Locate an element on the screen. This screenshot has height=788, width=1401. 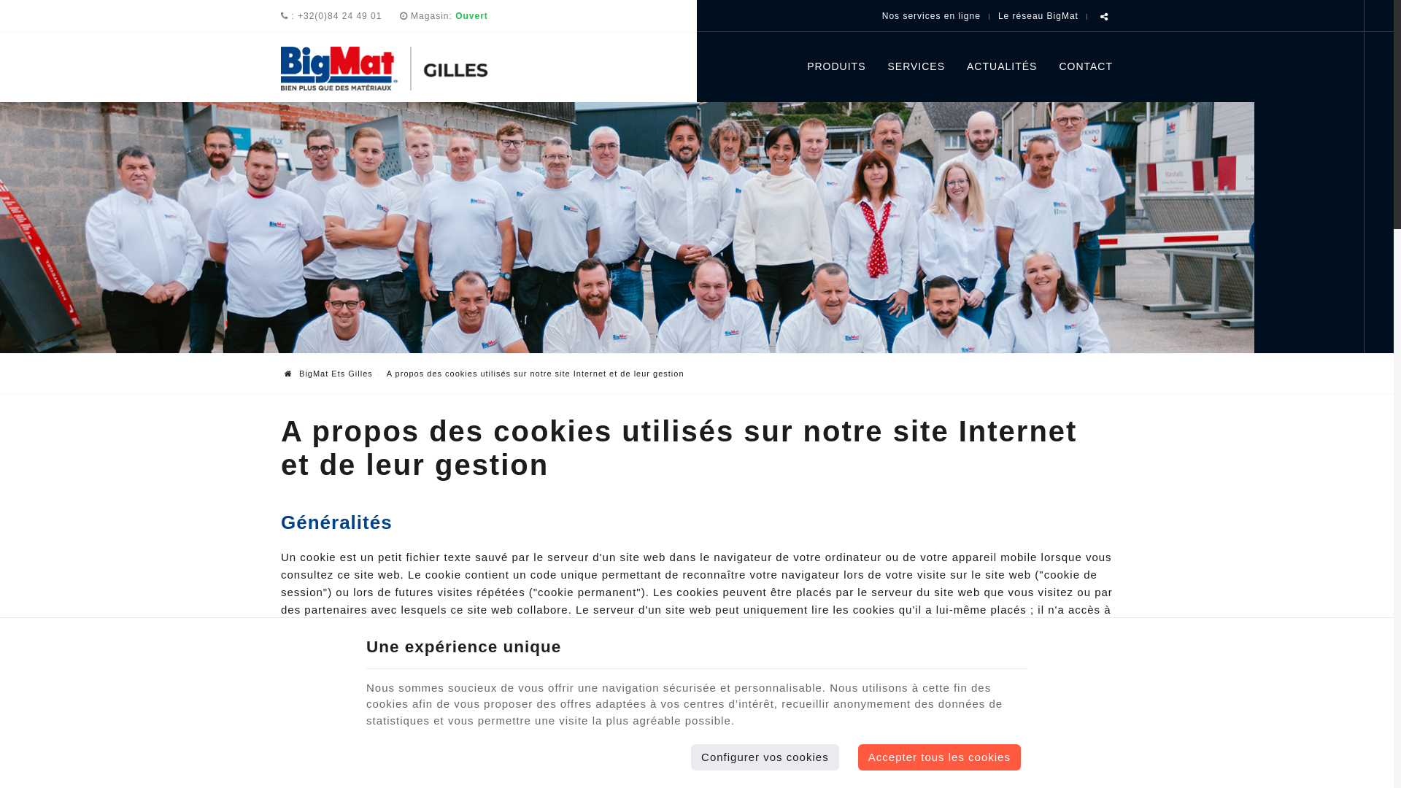
'BigMat Ets Gilles' is located at coordinates (404, 68).